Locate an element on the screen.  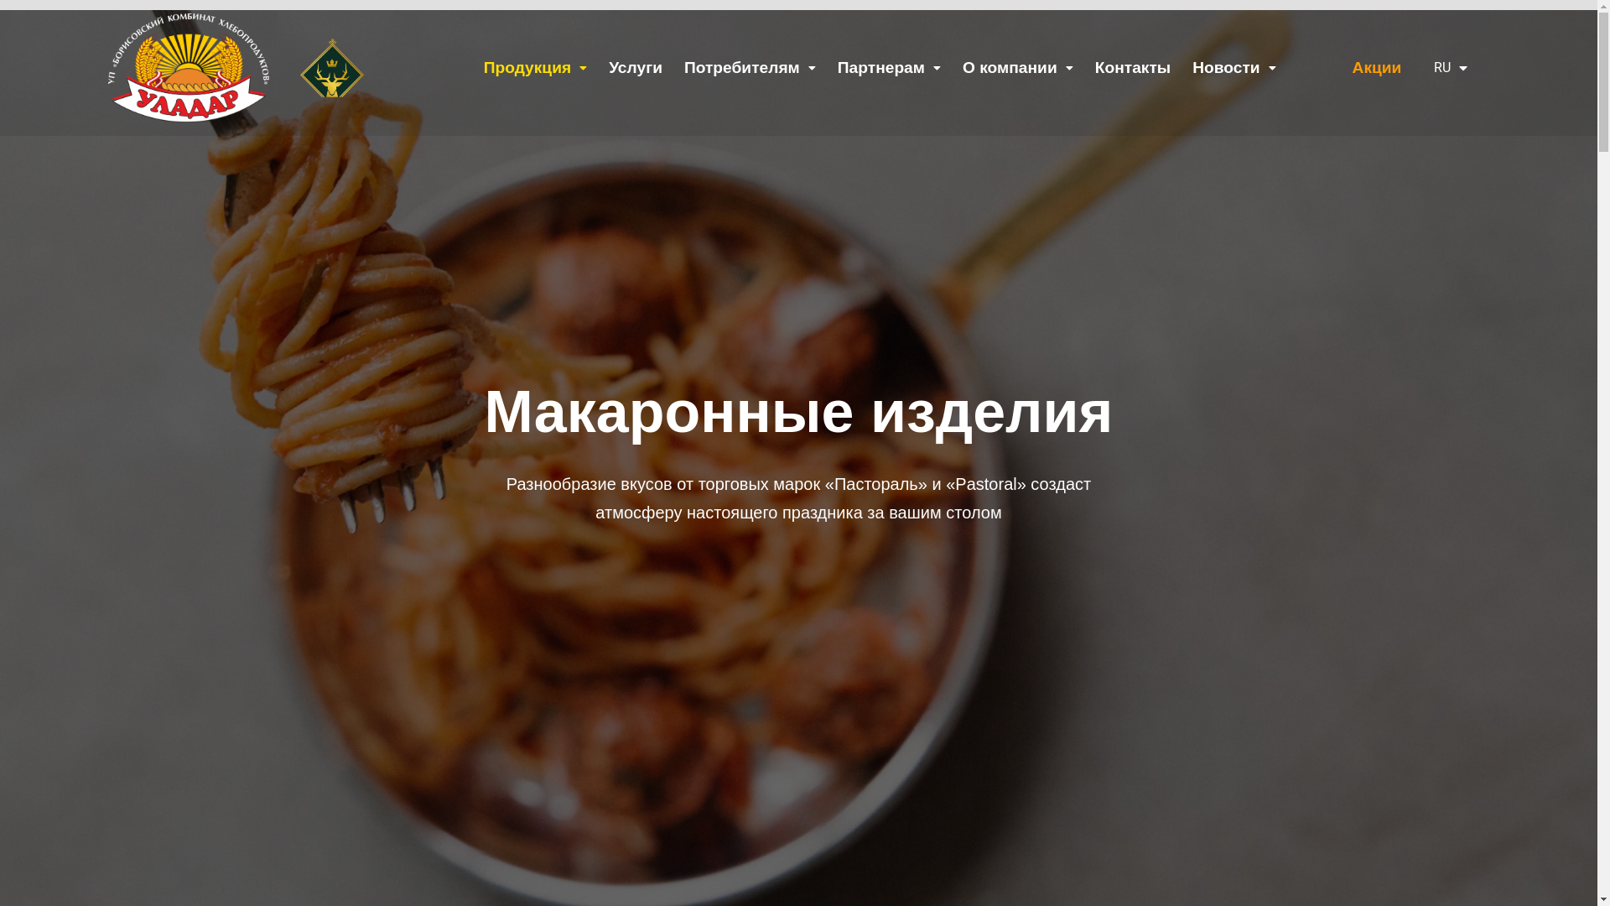
'RU' is located at coordinates (1445, 66).